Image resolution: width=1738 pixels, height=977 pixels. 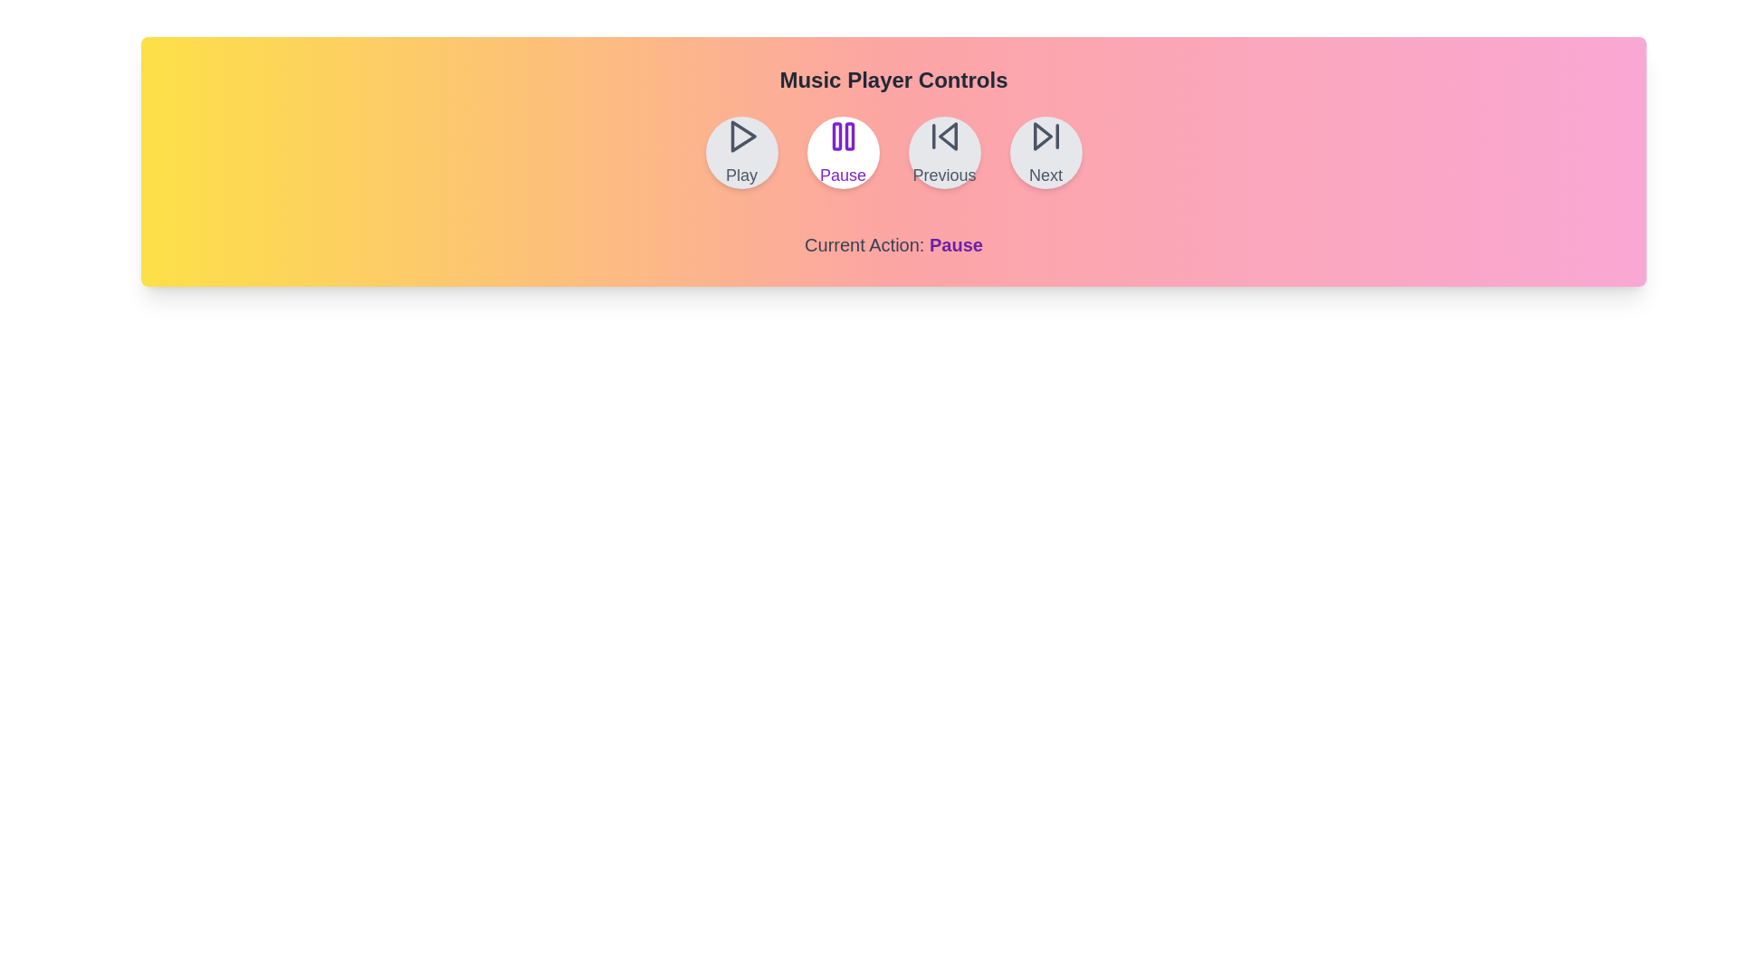 I want to click on the Next button to observe its hover effect, so click(x=1046, y=152).